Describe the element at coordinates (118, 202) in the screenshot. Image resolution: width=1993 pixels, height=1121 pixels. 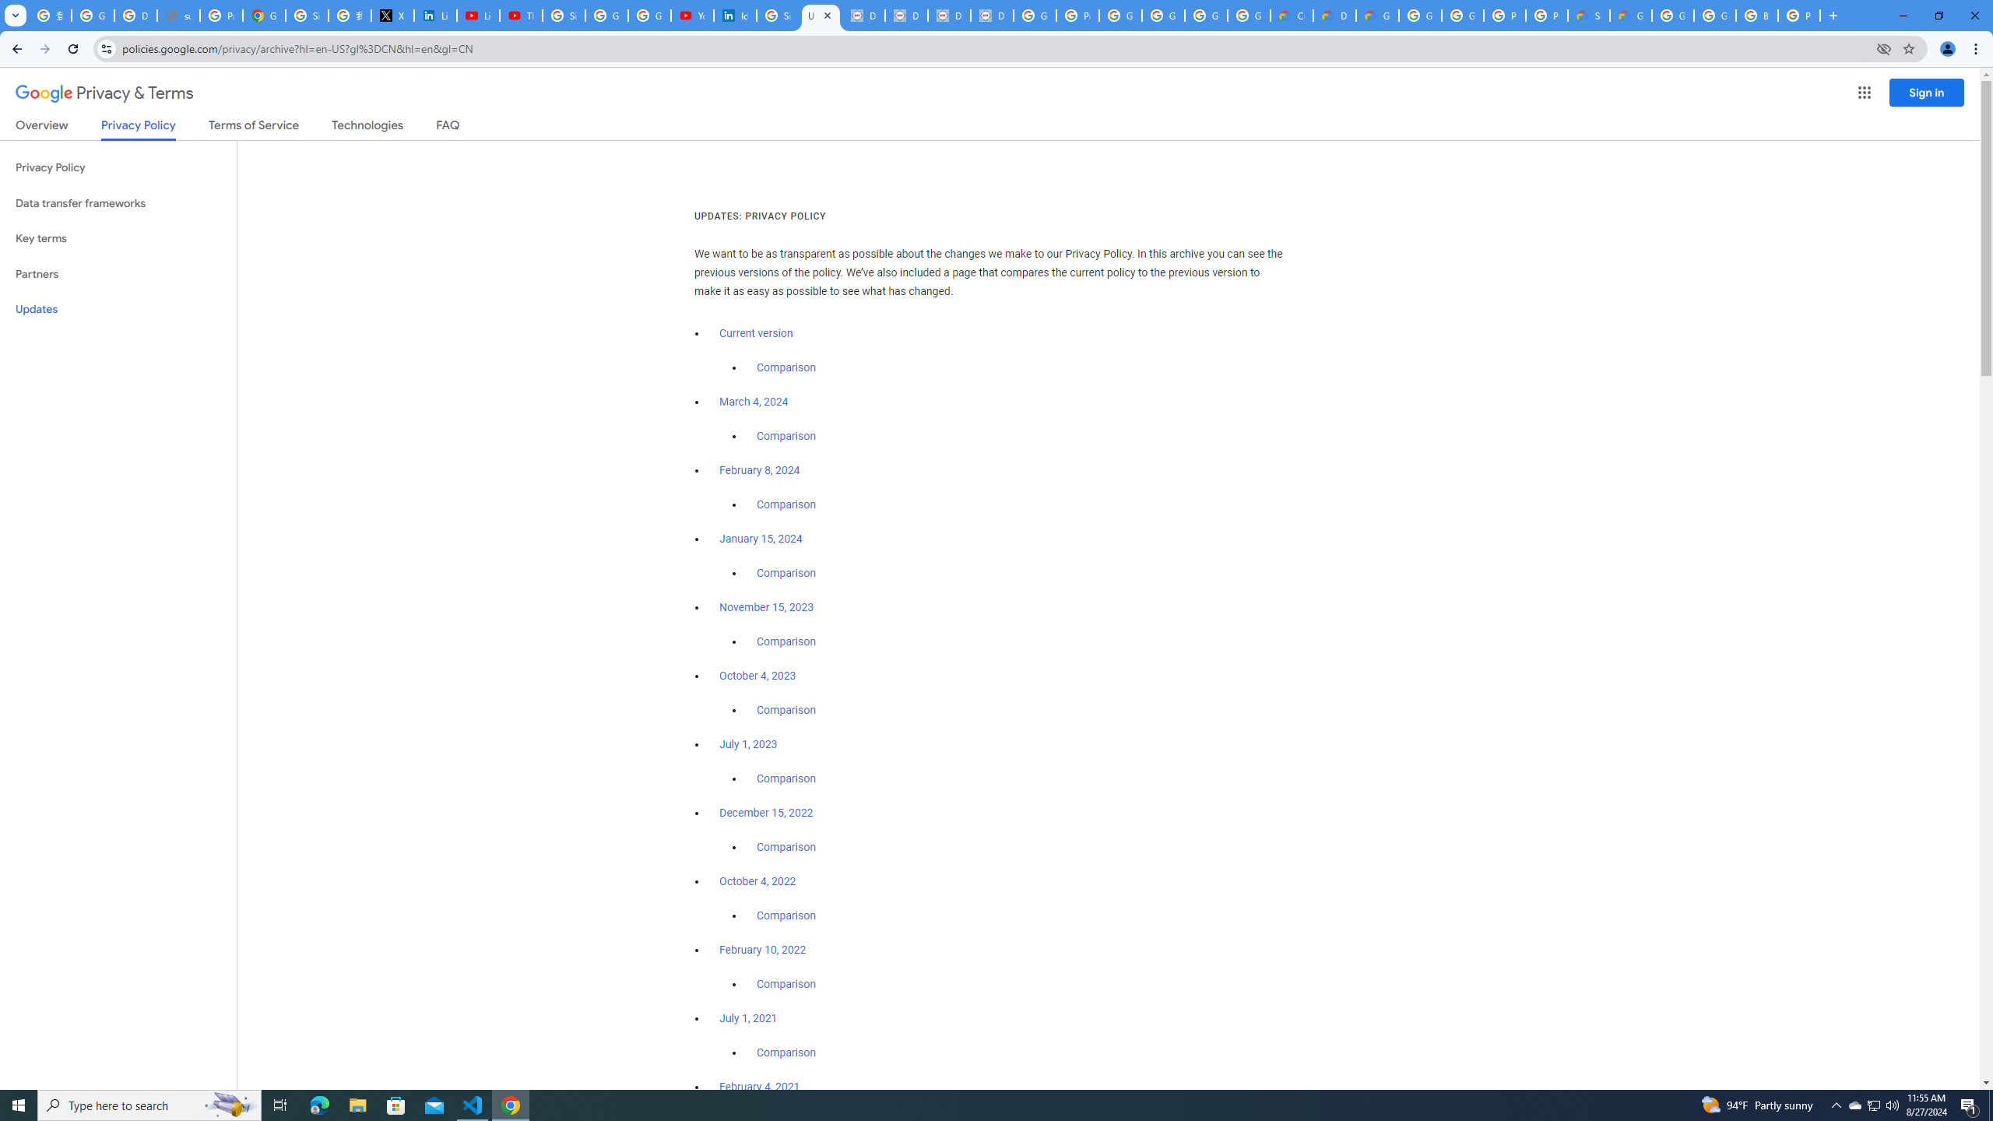
I see `'Data transfer frameworks'` at that location.